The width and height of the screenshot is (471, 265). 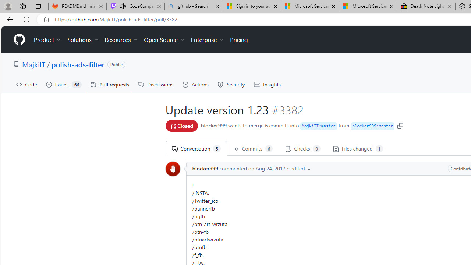 I want to click on 'Pull requests', so click(x=109, y=84).